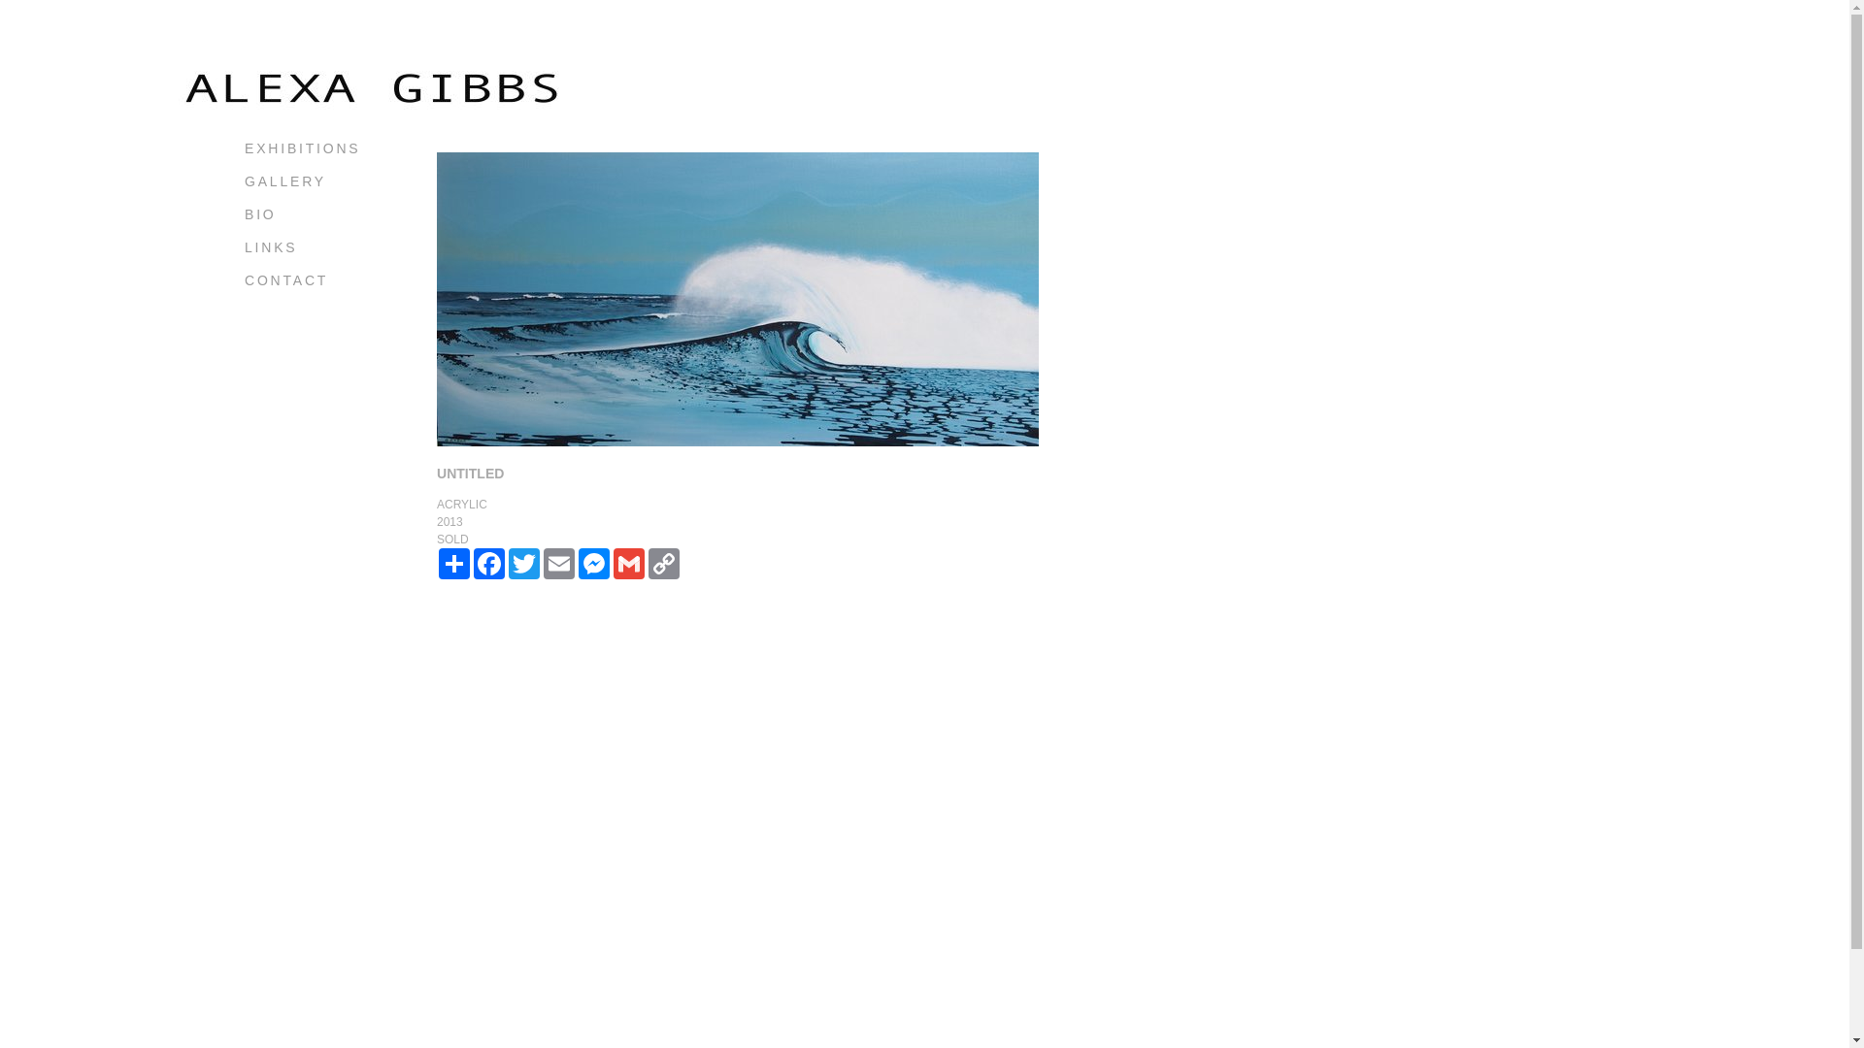  Describe the element at coordinates (523, 564) in the screenshot. I see `'TWITTER'` at that location.